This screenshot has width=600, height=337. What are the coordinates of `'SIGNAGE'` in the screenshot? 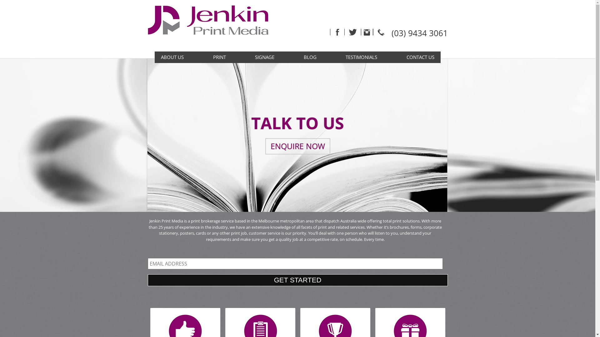 It's located at (264, 57).